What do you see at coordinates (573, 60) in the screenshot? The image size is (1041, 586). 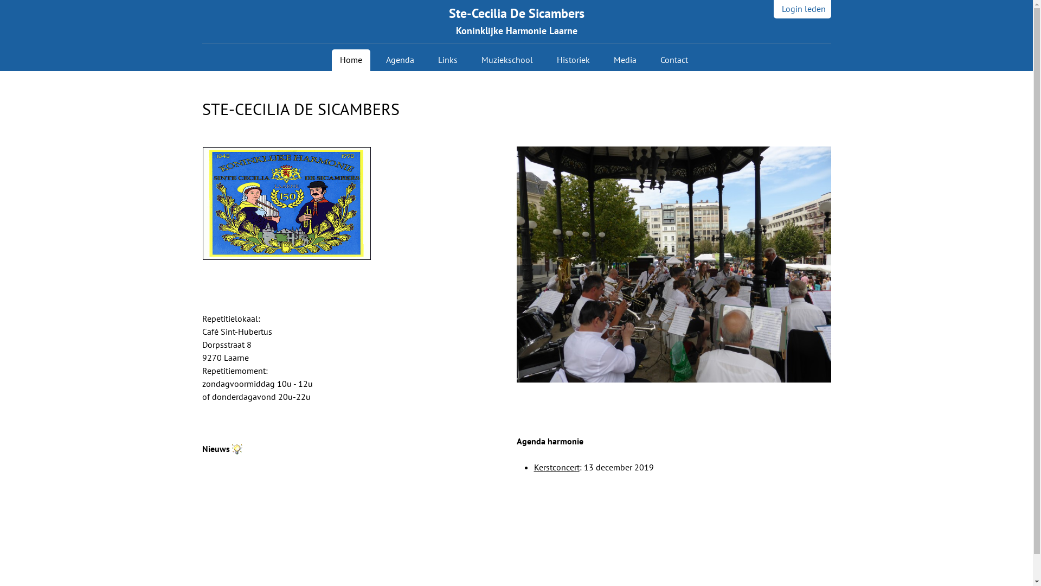 I see `'Historiek'` at bounding box center [573, 60].